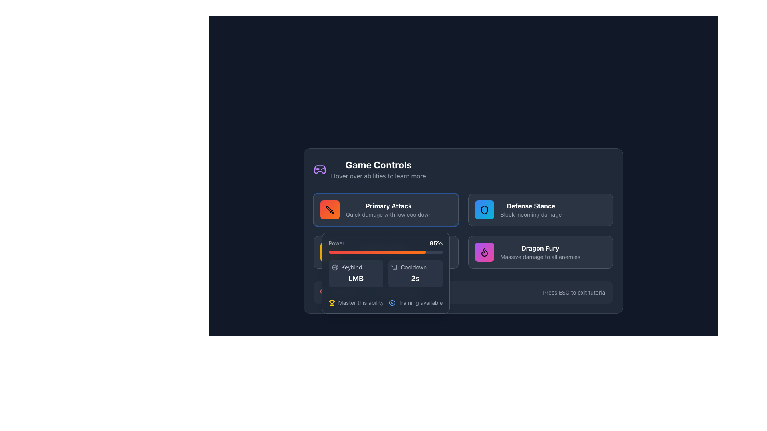  Describe the element at coordinates (352, 267) in the screenshot. I see `text from the 'Keybind' label, which is a small, light gray font situated in a horizontal layout next to a target icon and above a bold 'LMB' label` at that location.